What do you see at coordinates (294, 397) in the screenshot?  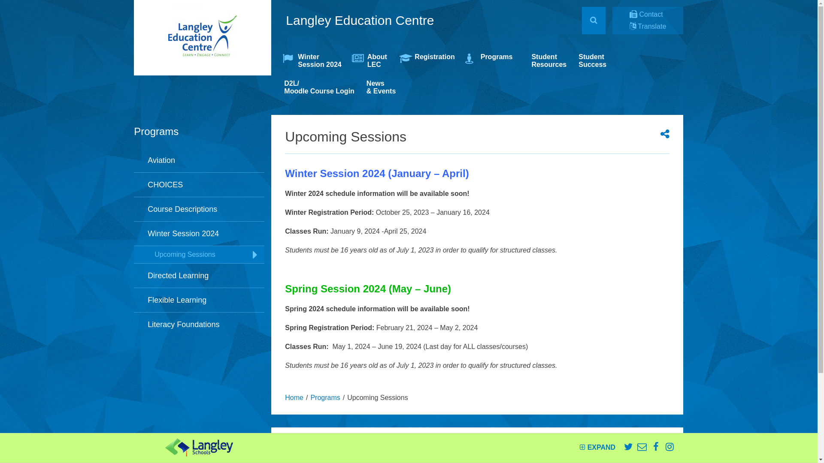 I see `'Home'` at bounding box center [294, 397].